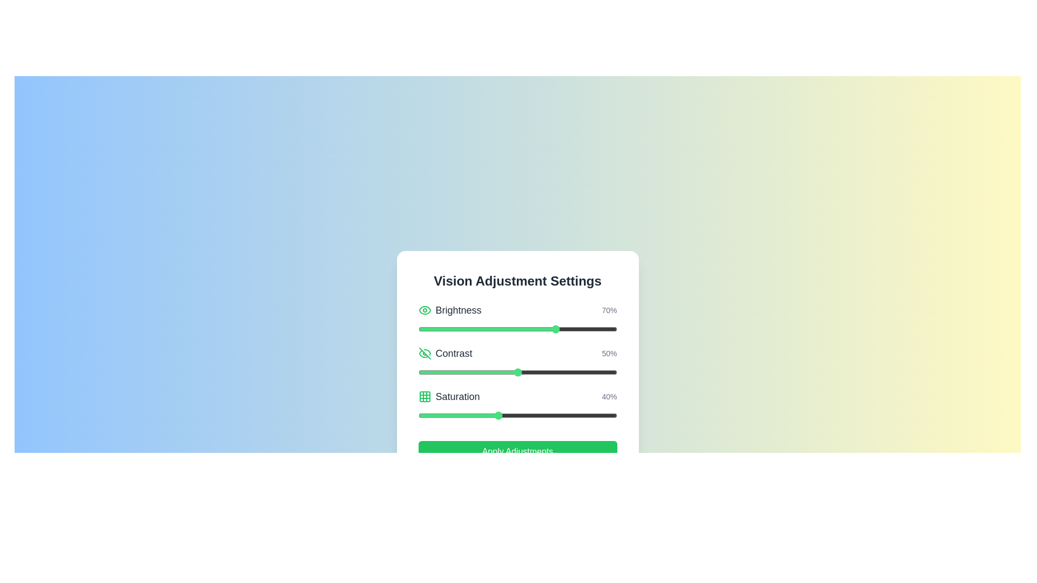 Image resolution: width=1037 pixels, height=583 pixels. What do you see at coordinates (456, 328) in the screenshot?
I see `the brightness slider to set the brightness to 19%` at bounding box center [456, 328].